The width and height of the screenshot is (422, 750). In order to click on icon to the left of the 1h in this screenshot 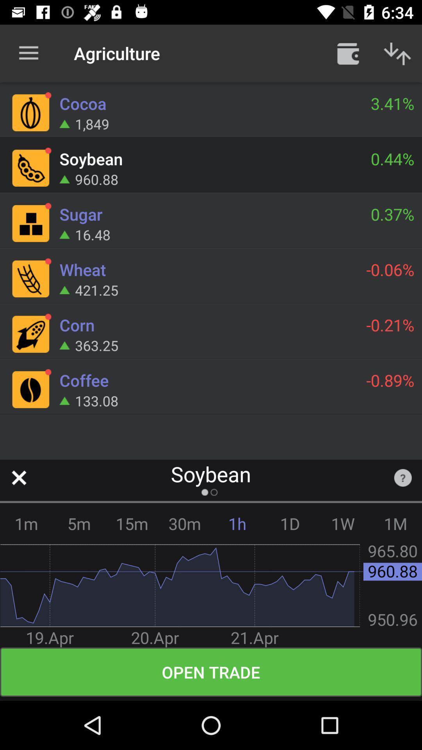, I will do `click(184, 523)`.